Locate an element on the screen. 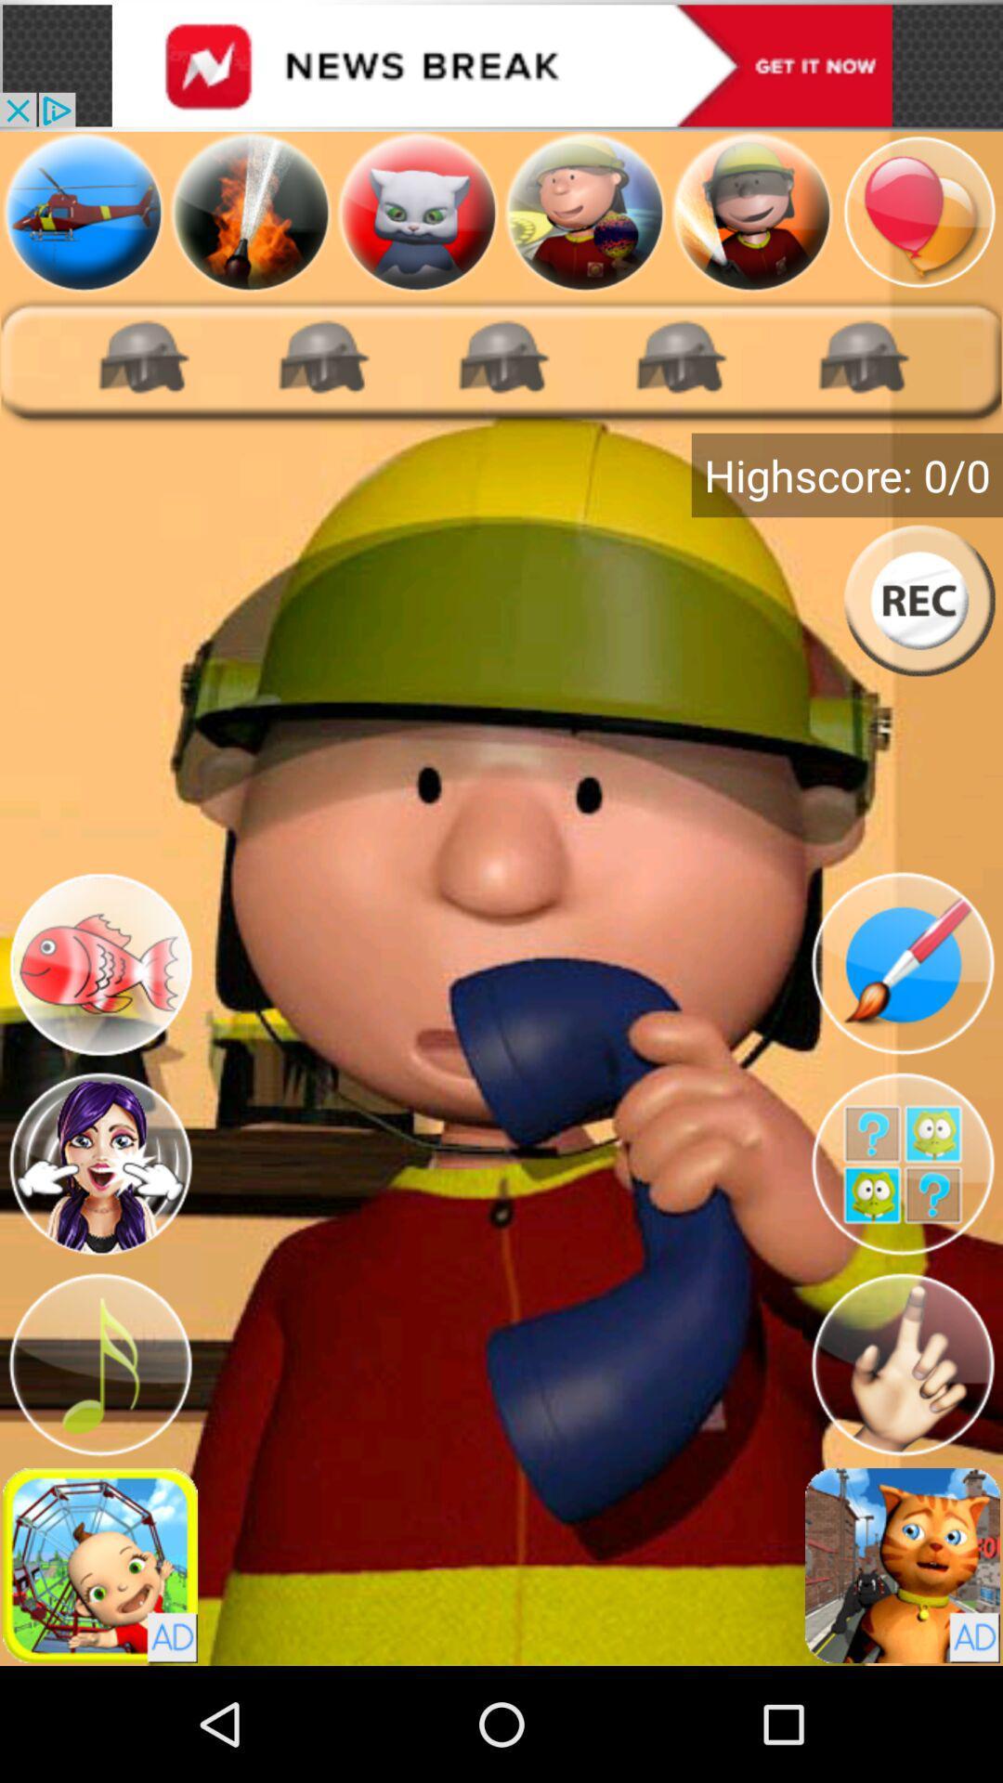  advertisent page is located at coordinates (752, 212).